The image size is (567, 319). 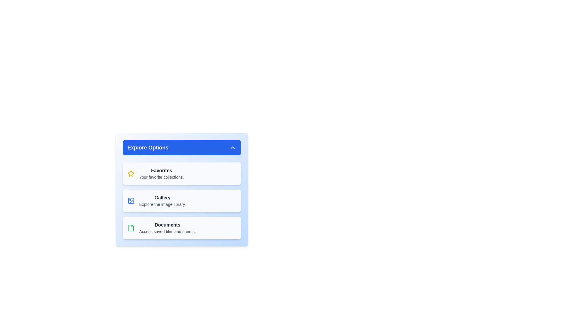 I want to click on the star icon with a yellow outline and a white center located to the left of the 'Favorites' text label in the menu under 'Explore Options', so click(x=131, y=173).